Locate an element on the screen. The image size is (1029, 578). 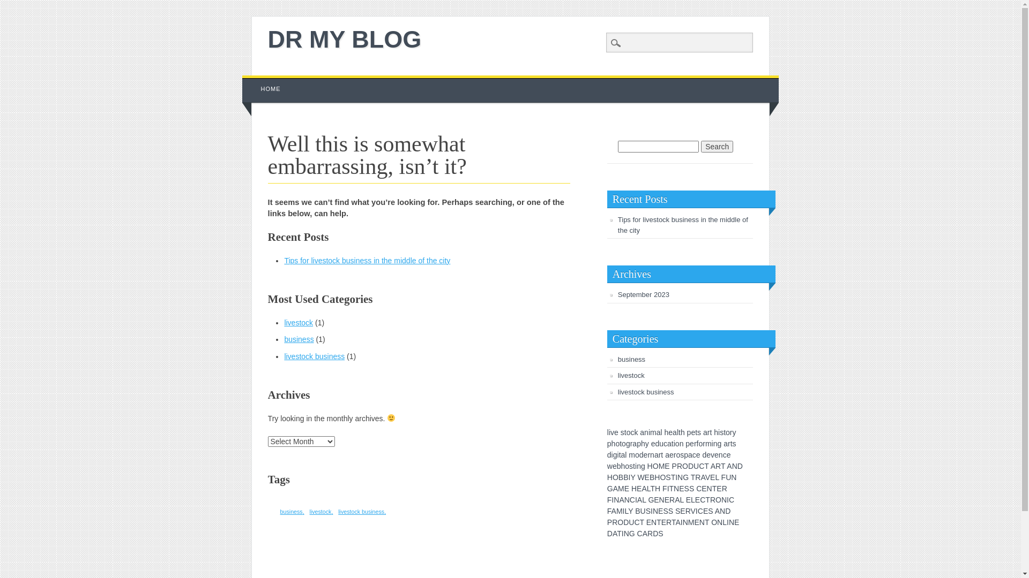
'H' is located at coordinates (650, 466).